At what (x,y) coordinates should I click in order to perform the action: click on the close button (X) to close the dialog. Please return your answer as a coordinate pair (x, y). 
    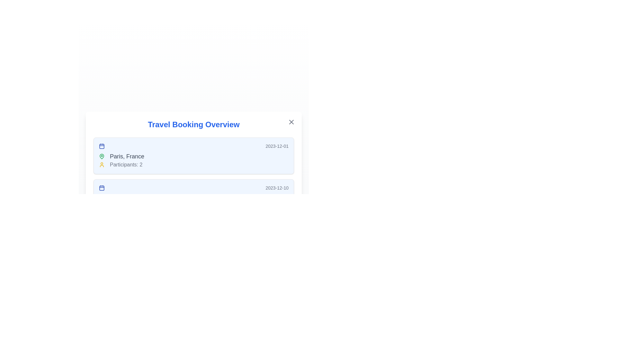
    Looking at the image, I should click on (291, 122).